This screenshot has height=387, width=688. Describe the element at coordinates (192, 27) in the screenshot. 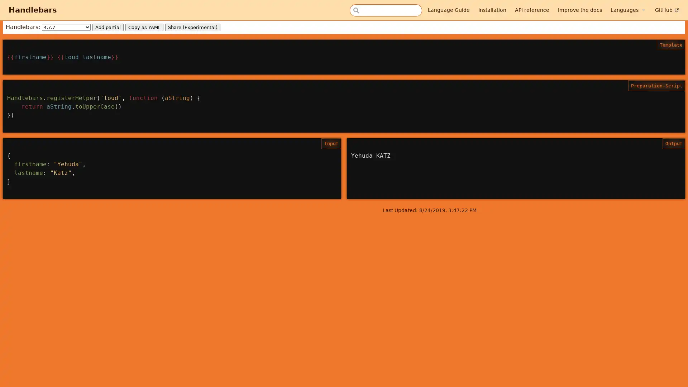

I see `Share (Experimental)` at that location.